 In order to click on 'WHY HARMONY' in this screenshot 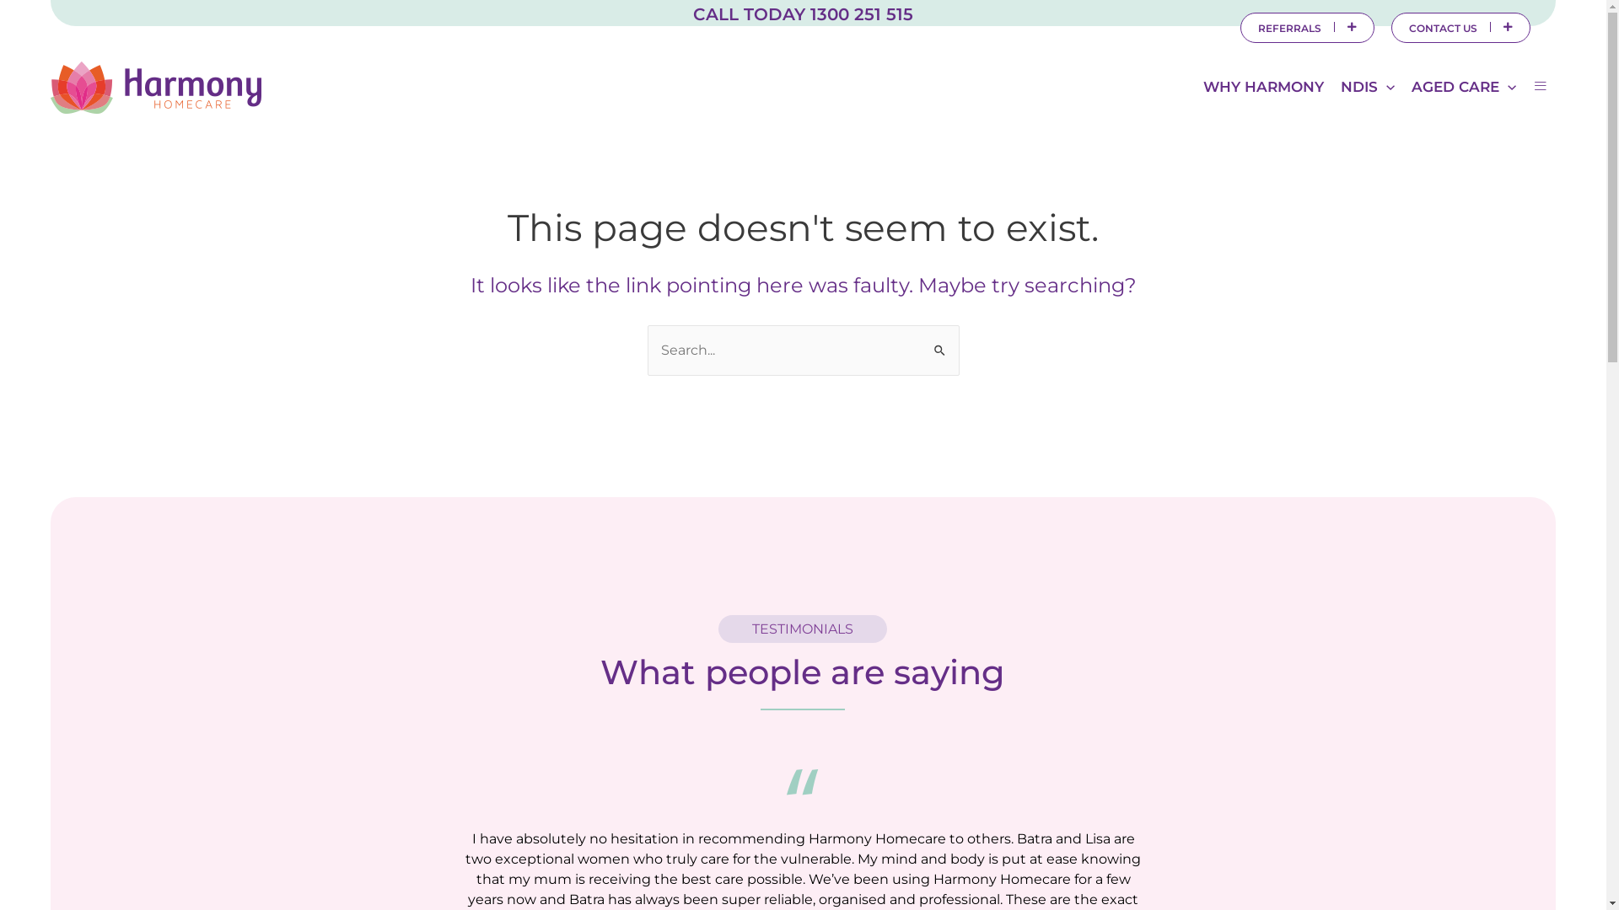, I will do `click(1263, 87)`.